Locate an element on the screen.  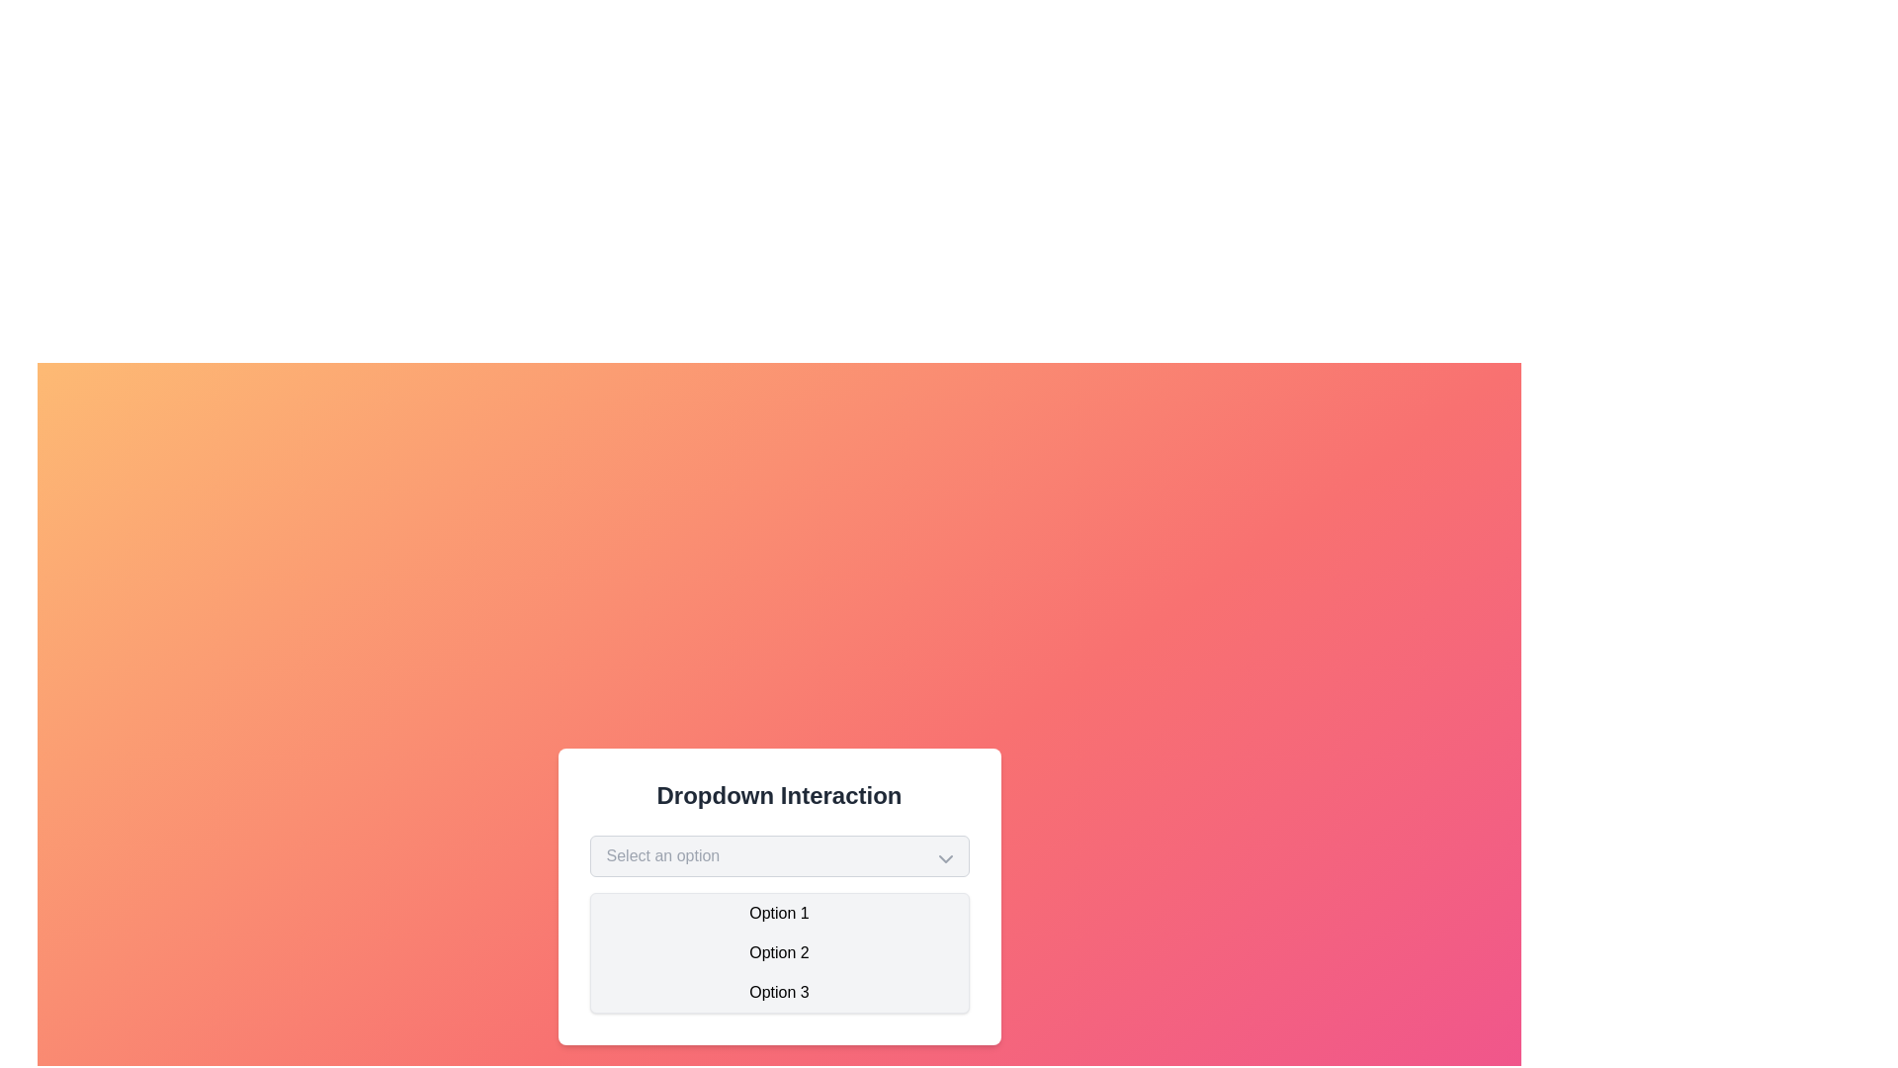
the 'Option 2' button-like list item in the dropdown menu is located at coordinates (778, 952).